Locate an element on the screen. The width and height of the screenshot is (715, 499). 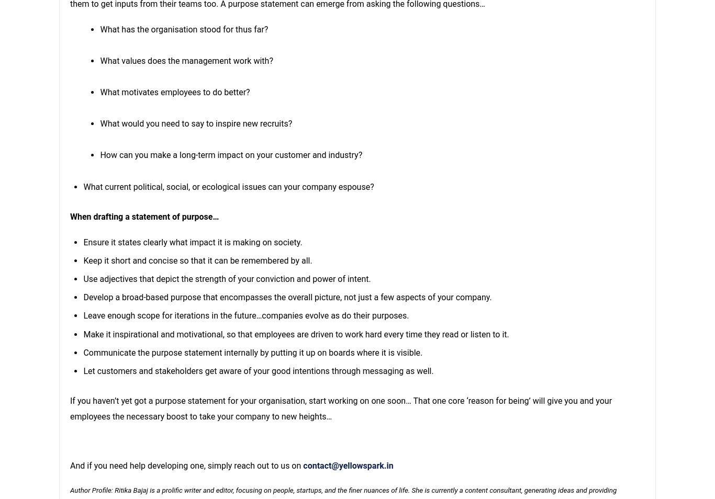
'Let customers and stakeholders get aware of your good intentions through messaging as well.' is located at coordinates (258, 370).